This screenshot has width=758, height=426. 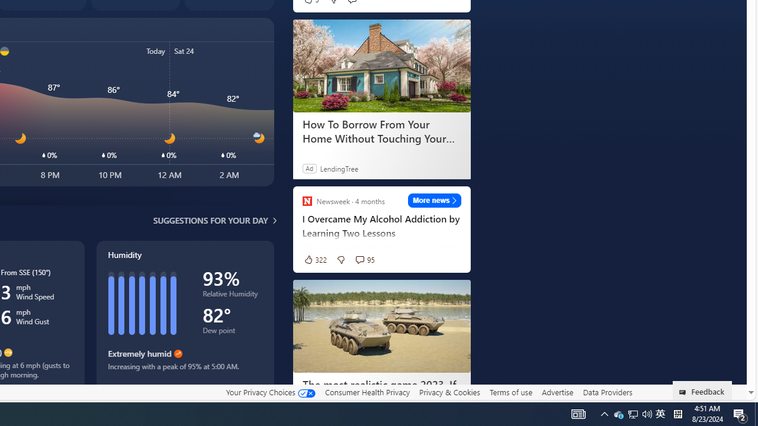 What do you see at coordinates (607, 392) in the screenshot?
I see `'Data Providers'` at bounding box center [607, 392].